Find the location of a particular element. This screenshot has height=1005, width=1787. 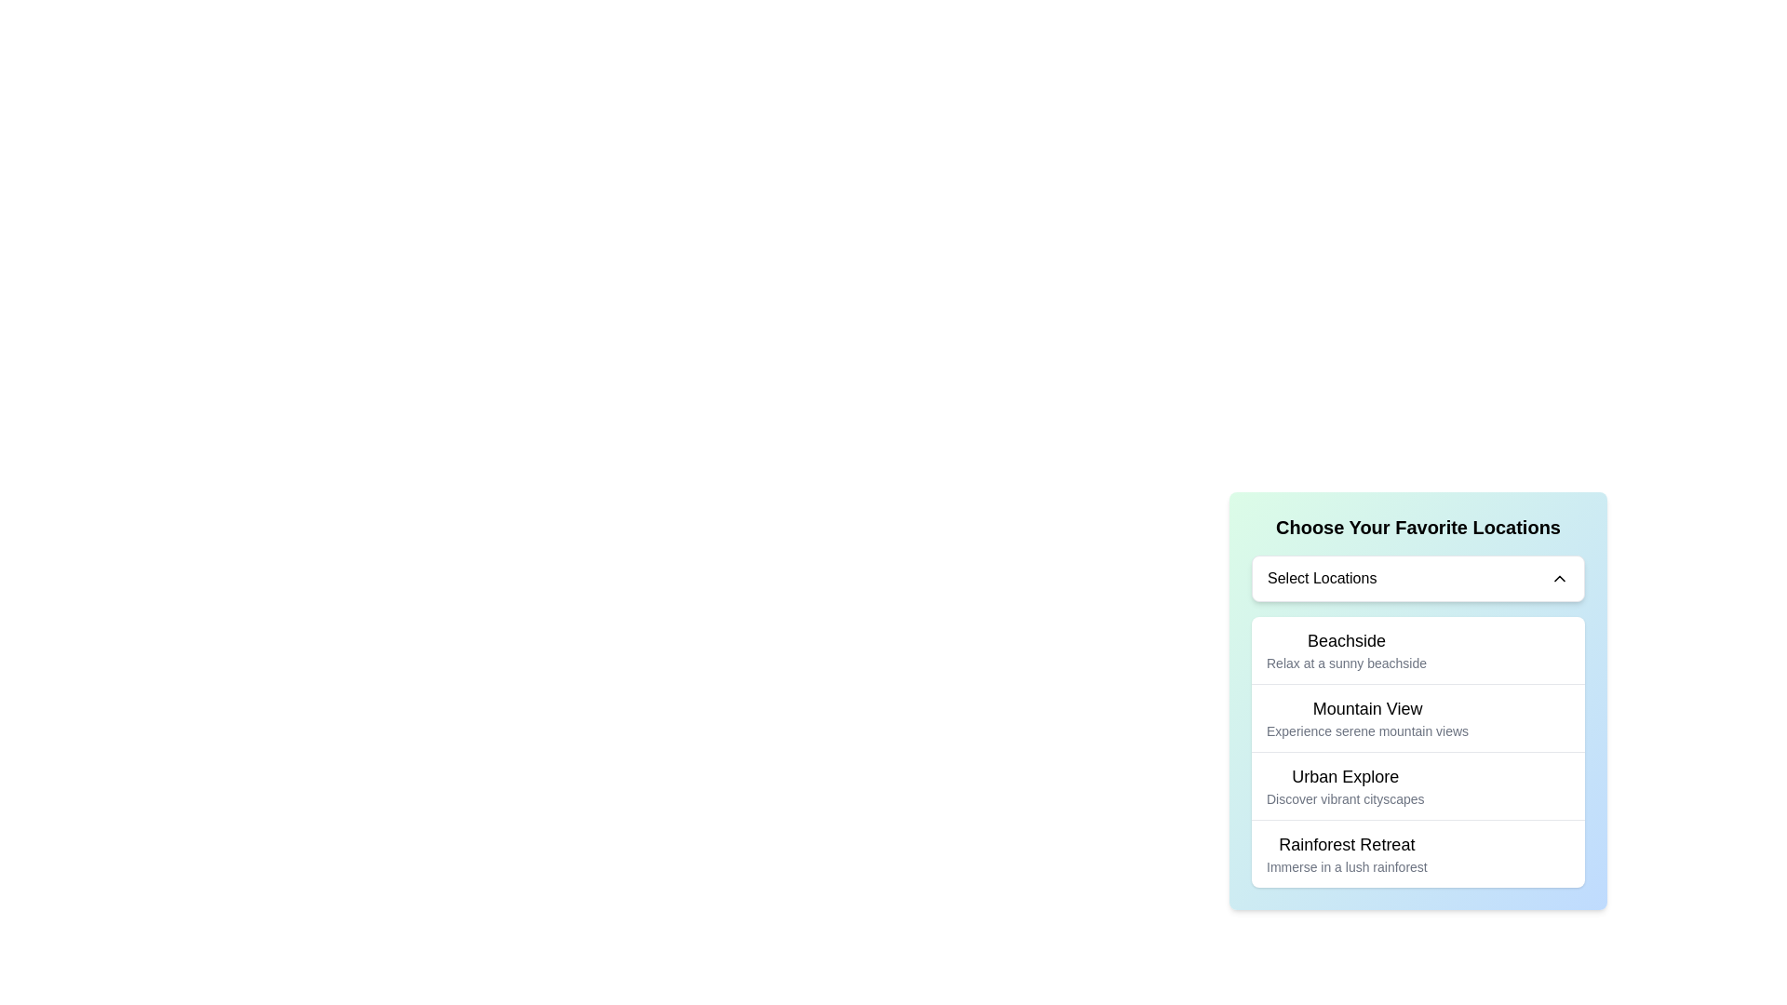

the 'Rainforest Retreat' option in the 'Choose Your Favorite Locations' menu is located at coordinates (1347, 844).